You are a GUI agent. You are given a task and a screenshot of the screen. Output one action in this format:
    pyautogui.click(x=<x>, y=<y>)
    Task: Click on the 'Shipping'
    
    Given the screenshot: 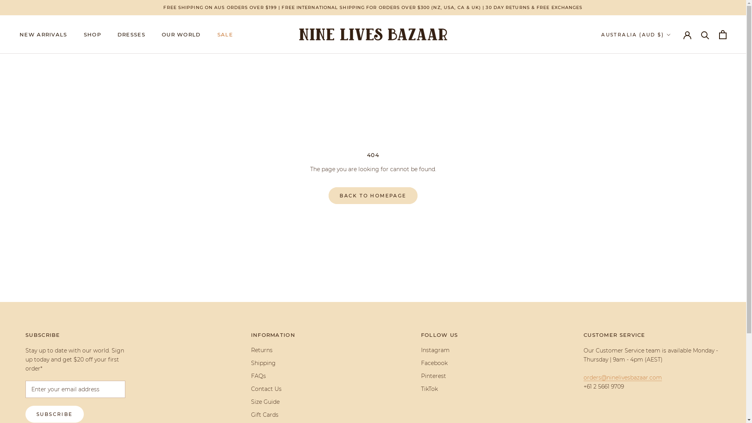 What is the action you would take?
    pyautogui.click(x=273, y=363)
    